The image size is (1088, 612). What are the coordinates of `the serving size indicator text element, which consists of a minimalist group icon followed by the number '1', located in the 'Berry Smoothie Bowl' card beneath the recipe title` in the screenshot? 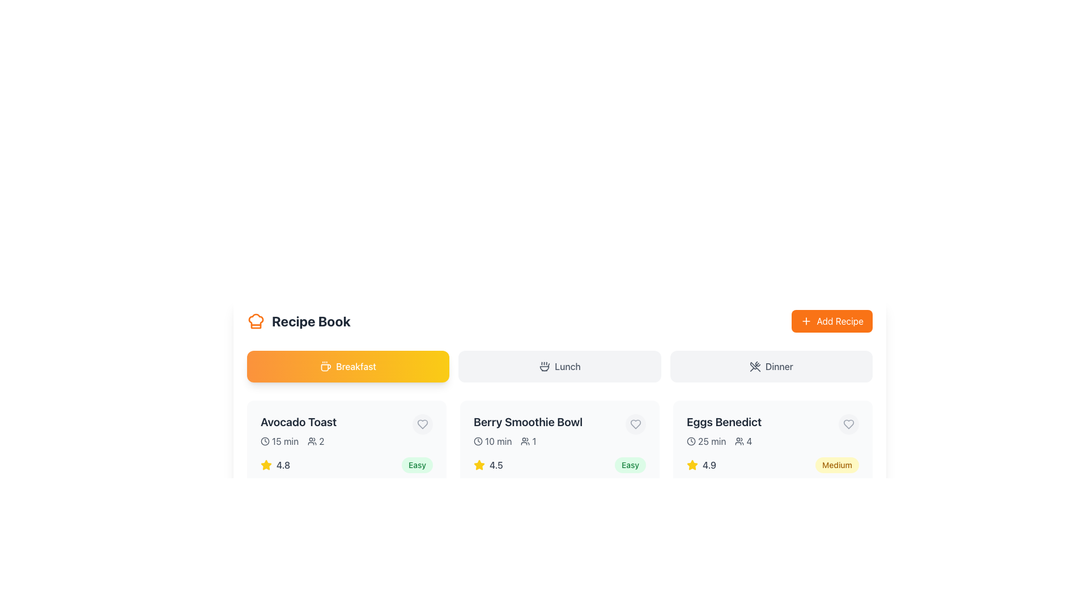 It's located at (528, 441).